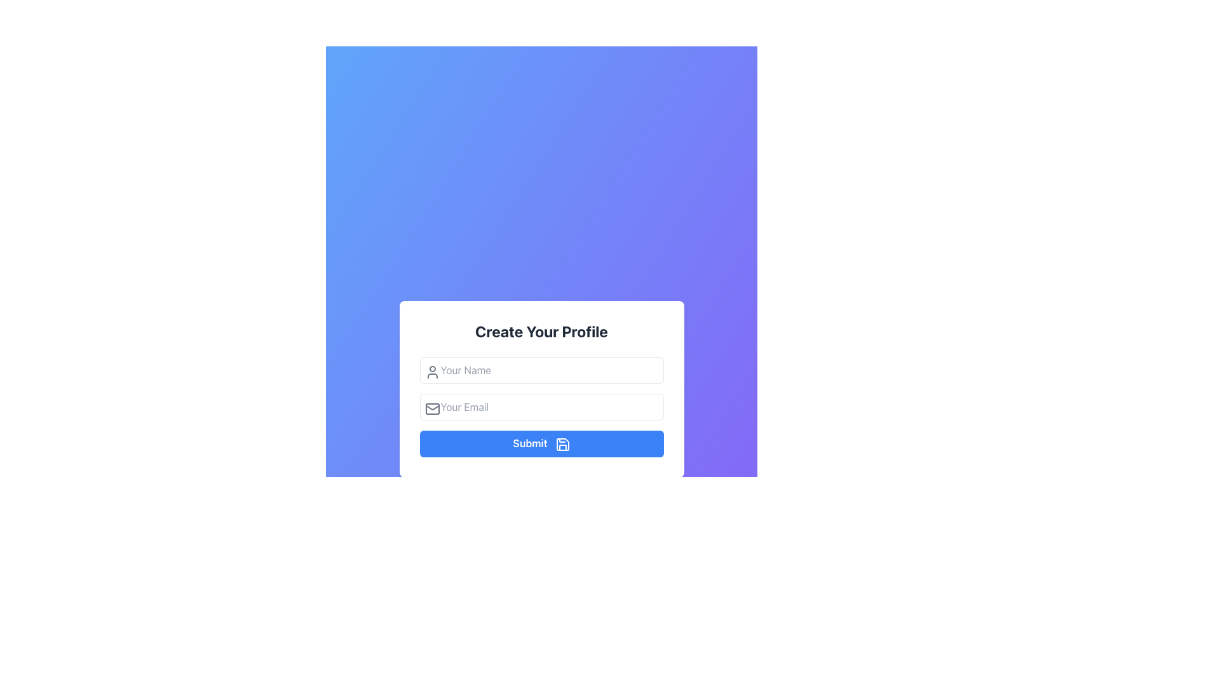  What do you see at coordinates (562, 443) in the screenshot?
I see `the 'Save' icon located to the right of the 'Submit' button at the bottom of the profile creation form` at bounding box center [562, 443].